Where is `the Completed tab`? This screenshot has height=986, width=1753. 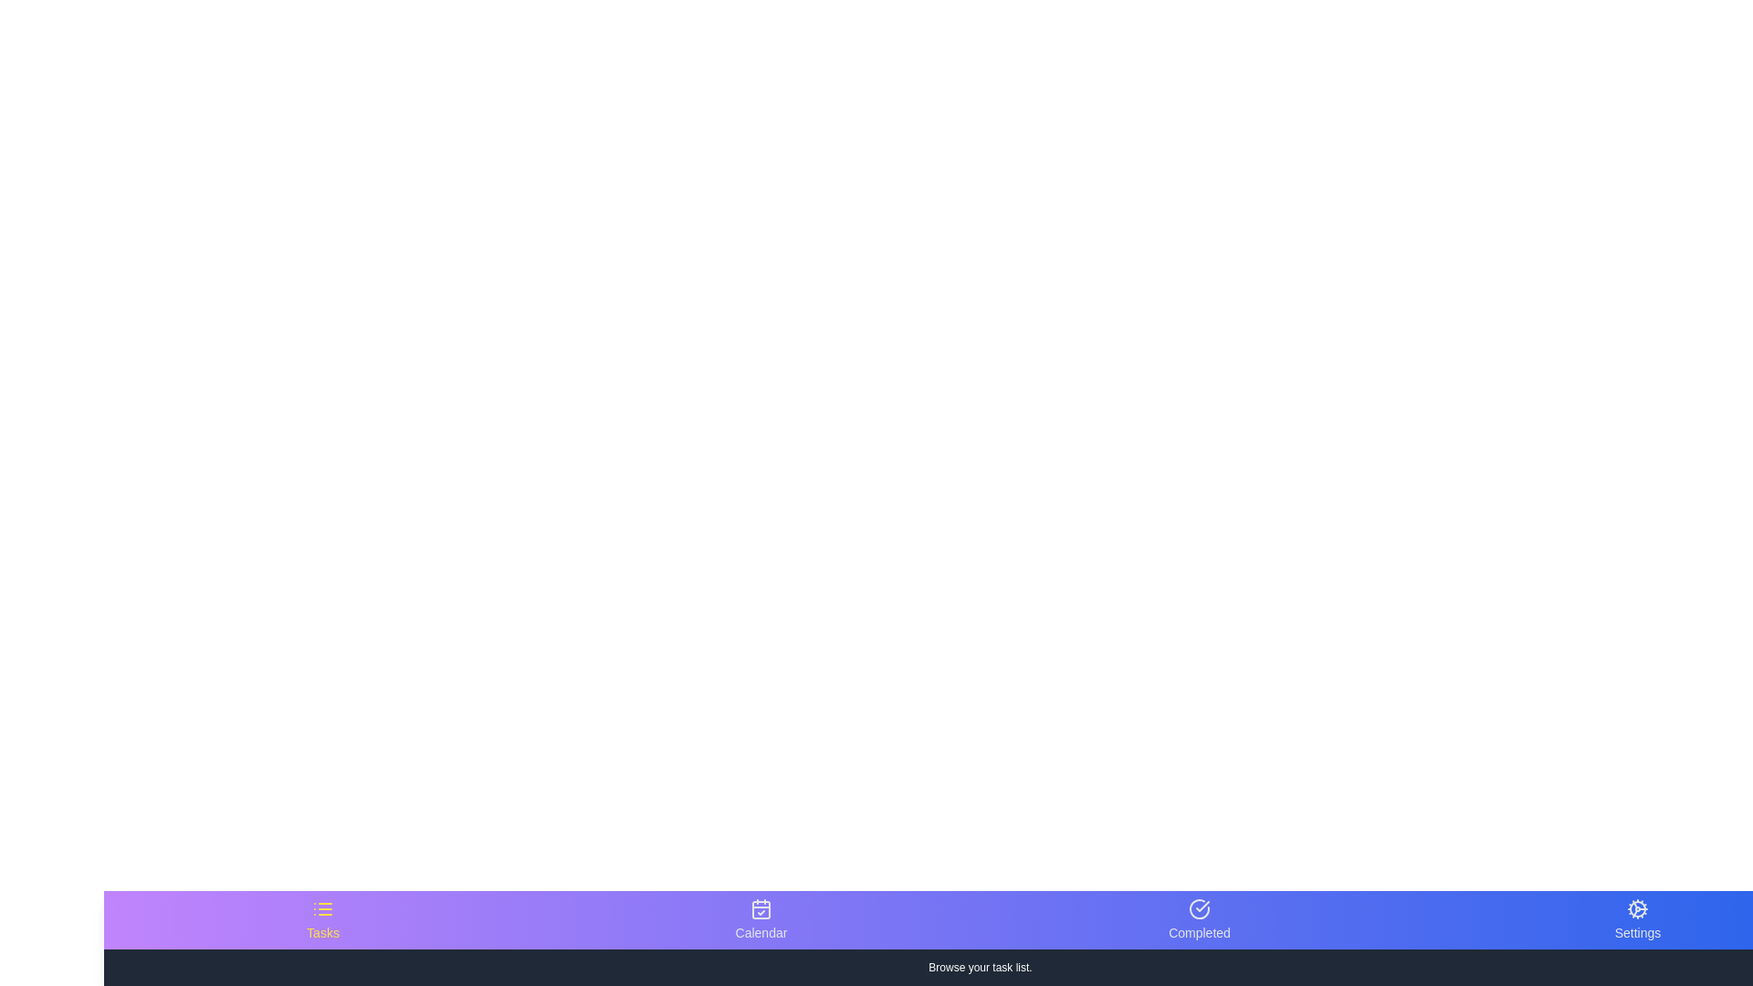
the Completed tab is located at coordinates (1200, 919).